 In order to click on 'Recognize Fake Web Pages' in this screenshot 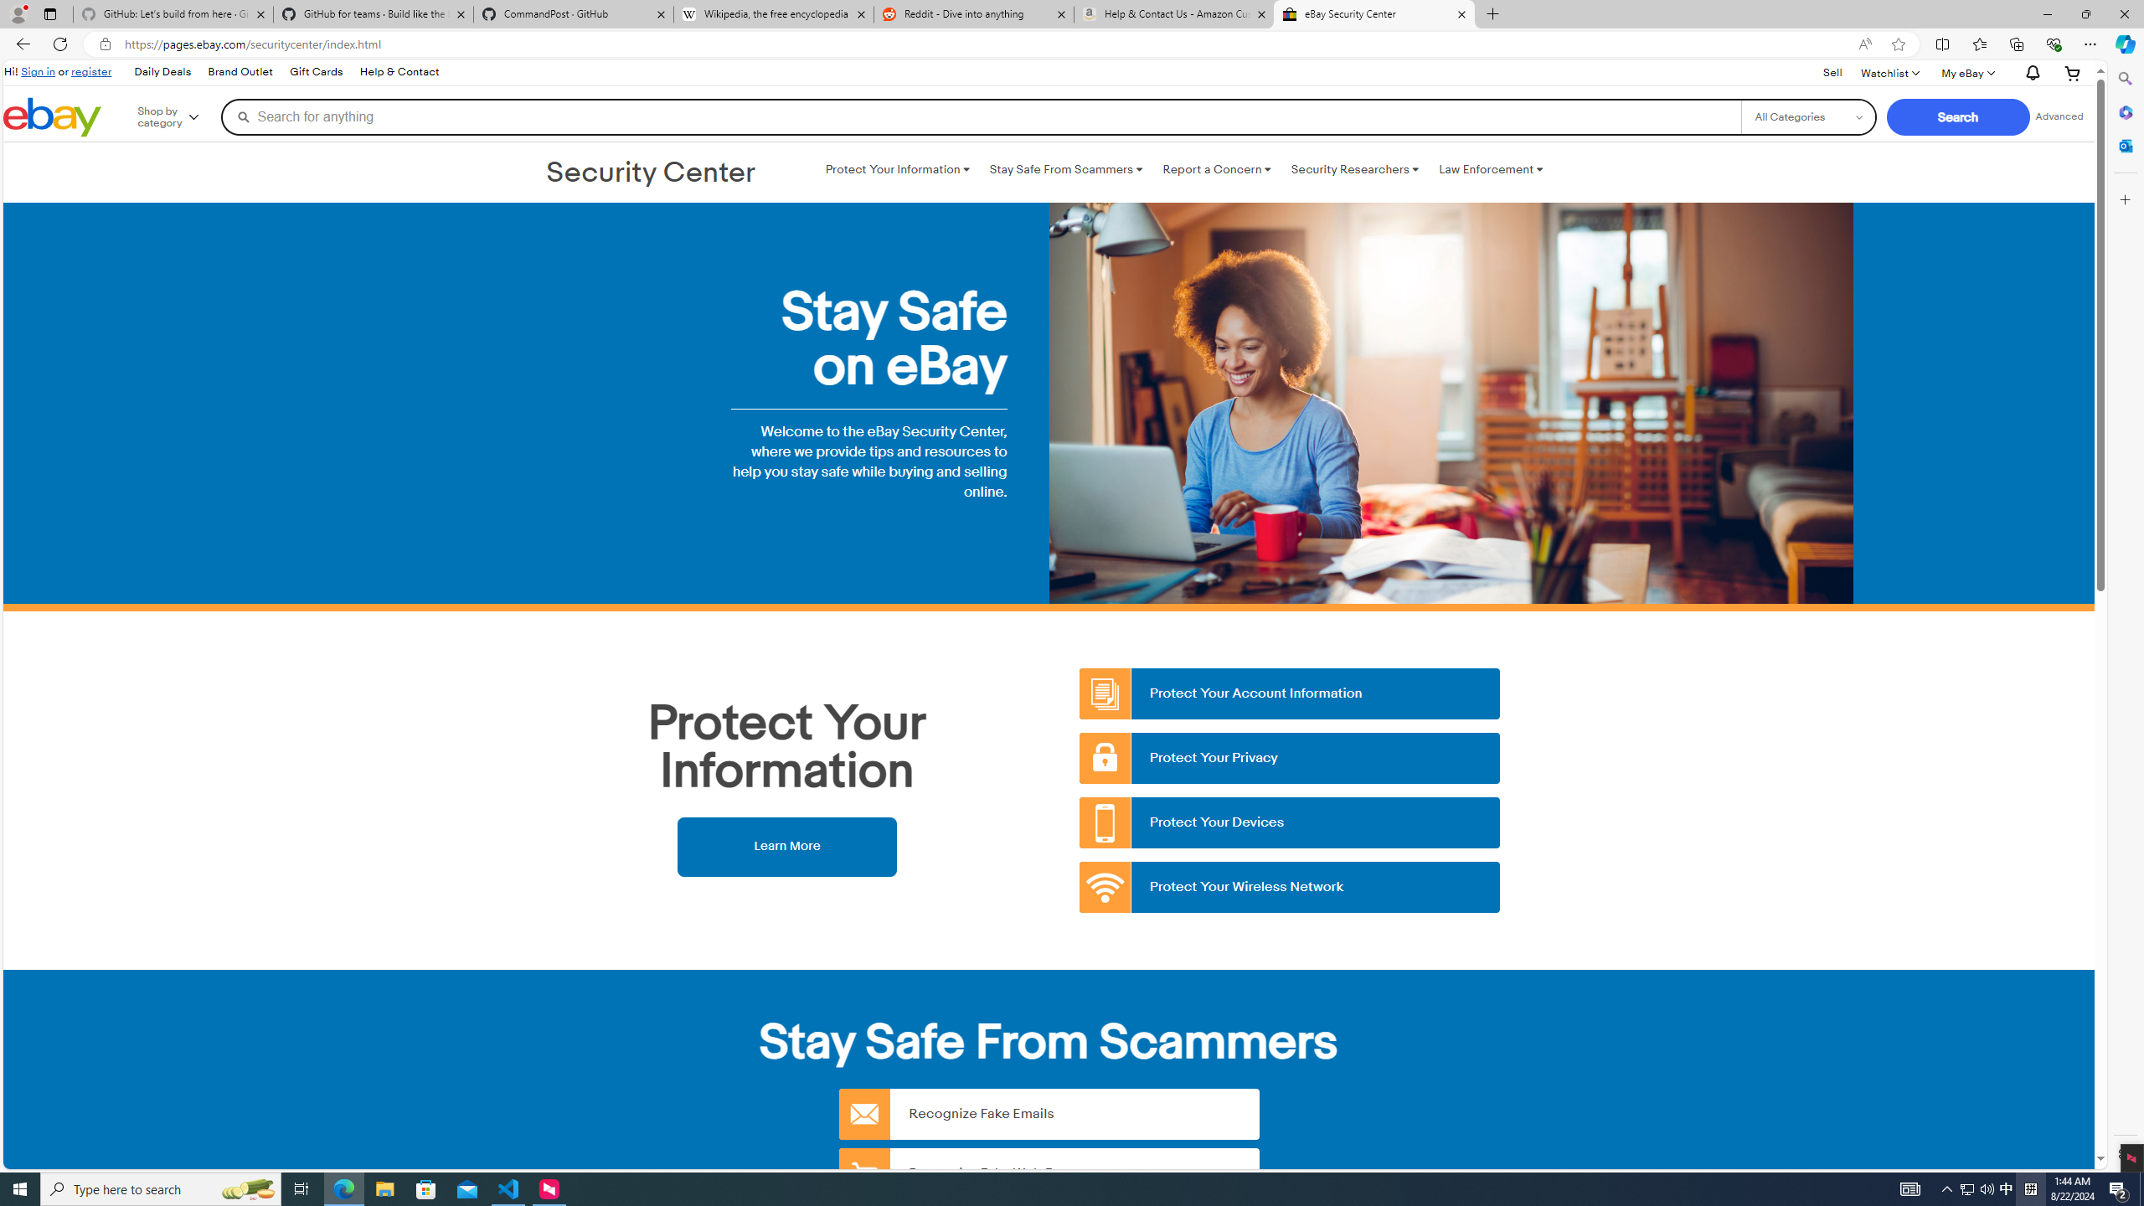, I will do `click(1049, 1173)`.